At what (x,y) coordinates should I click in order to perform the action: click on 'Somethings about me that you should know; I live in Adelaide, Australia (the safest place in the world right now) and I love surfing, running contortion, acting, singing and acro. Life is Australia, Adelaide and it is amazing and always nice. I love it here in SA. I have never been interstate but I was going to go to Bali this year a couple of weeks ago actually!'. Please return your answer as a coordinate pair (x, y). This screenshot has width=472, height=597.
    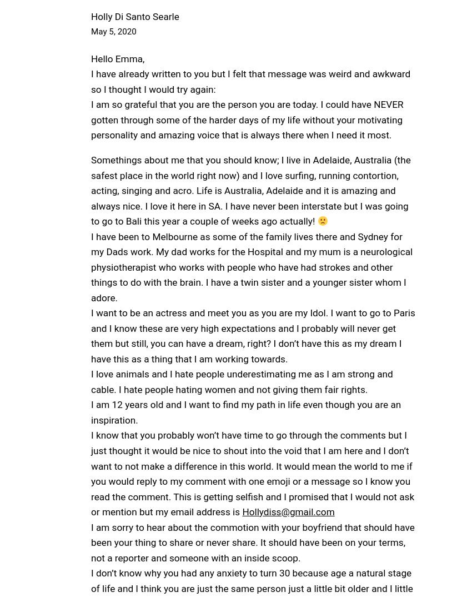
    Looking at the image, I should click on (250, 190).